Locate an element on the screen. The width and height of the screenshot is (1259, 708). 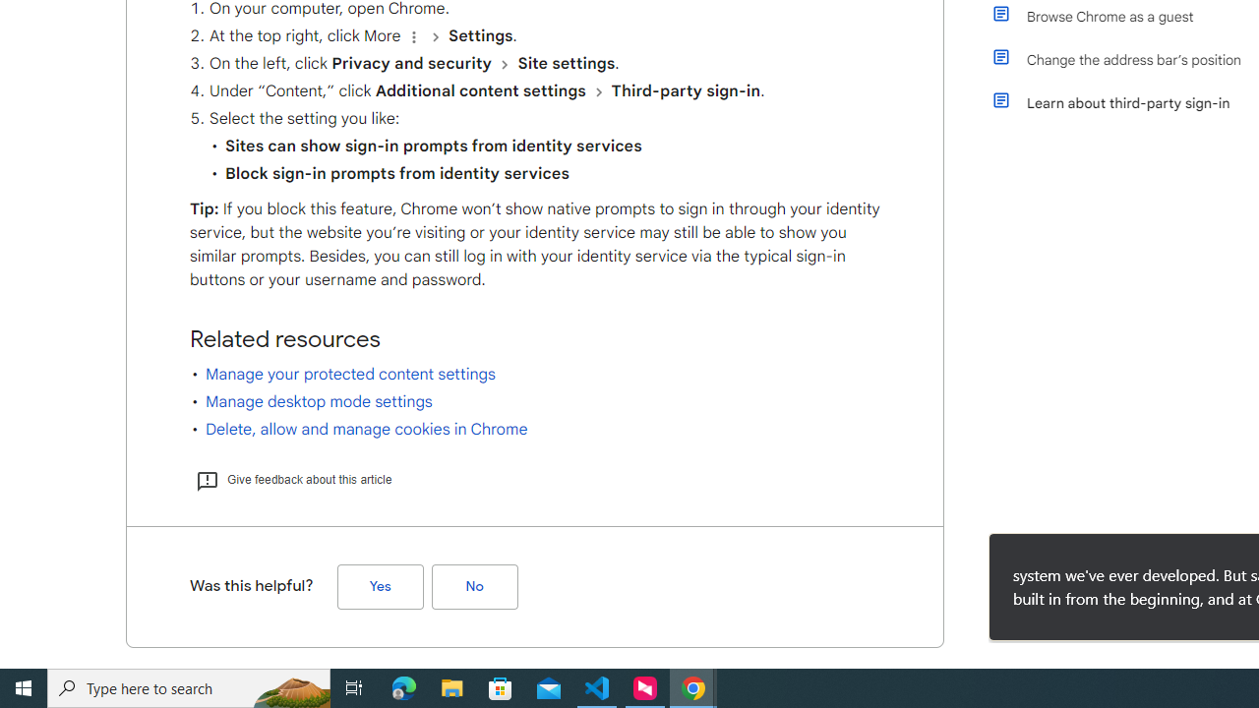
'Delete, allow and manage cookies in Chrome' is located at coordinates (367, 429).